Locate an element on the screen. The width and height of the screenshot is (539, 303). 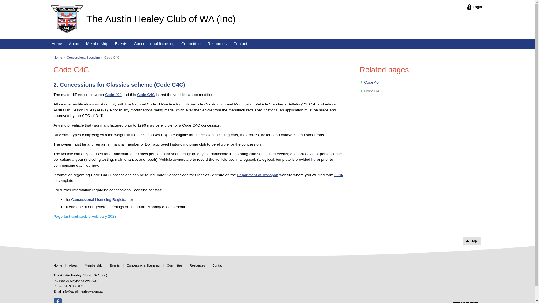
'Contact' is located at coordinates (240, 43).